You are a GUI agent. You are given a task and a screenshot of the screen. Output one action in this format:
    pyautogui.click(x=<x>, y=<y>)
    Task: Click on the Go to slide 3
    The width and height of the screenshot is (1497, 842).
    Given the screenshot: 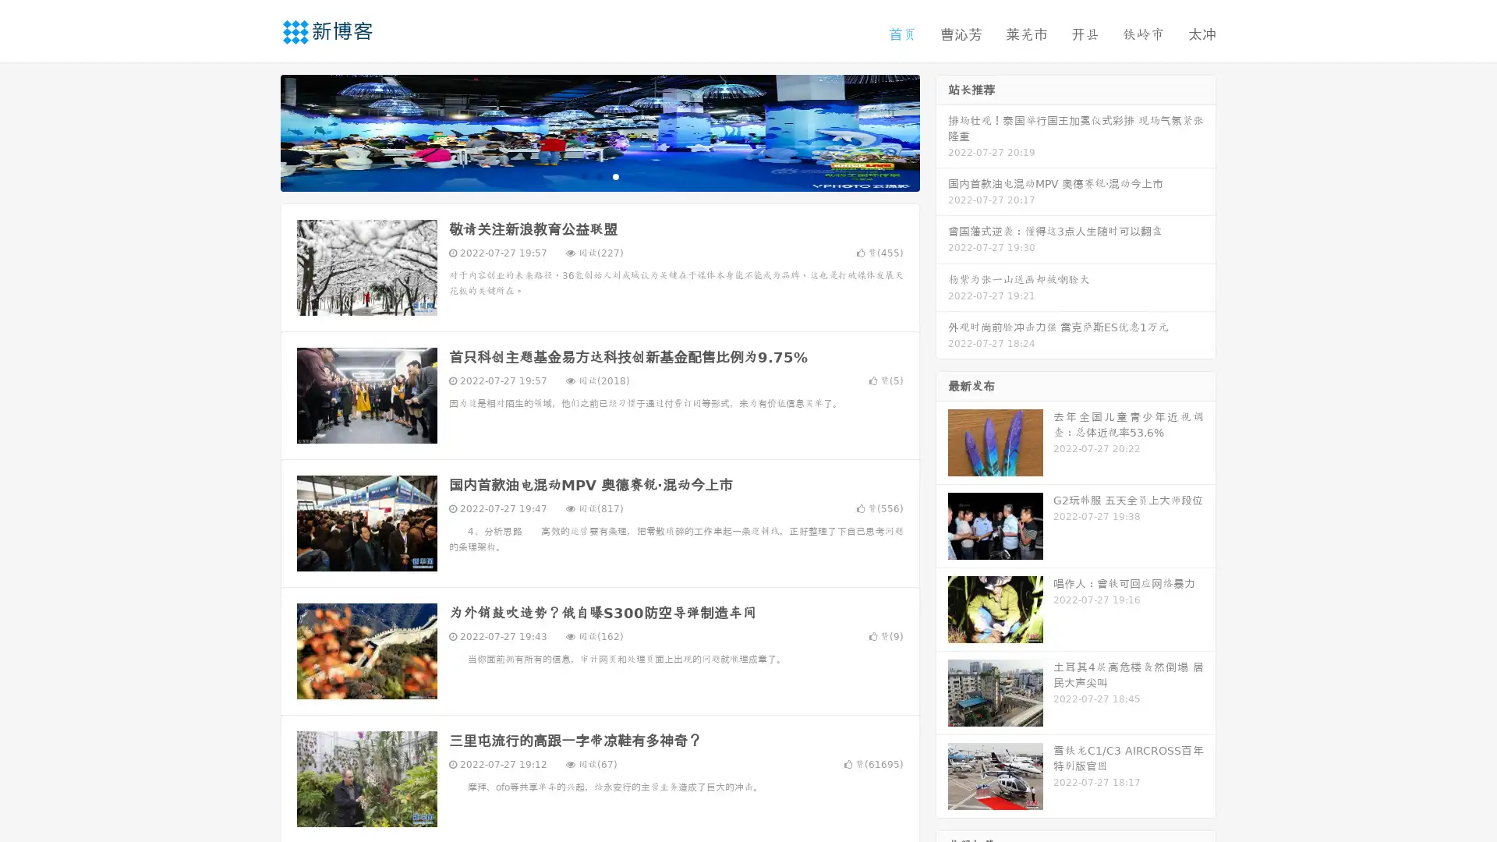 What is the action you would take?
    pyautogui.click(x=615, y=175)
    